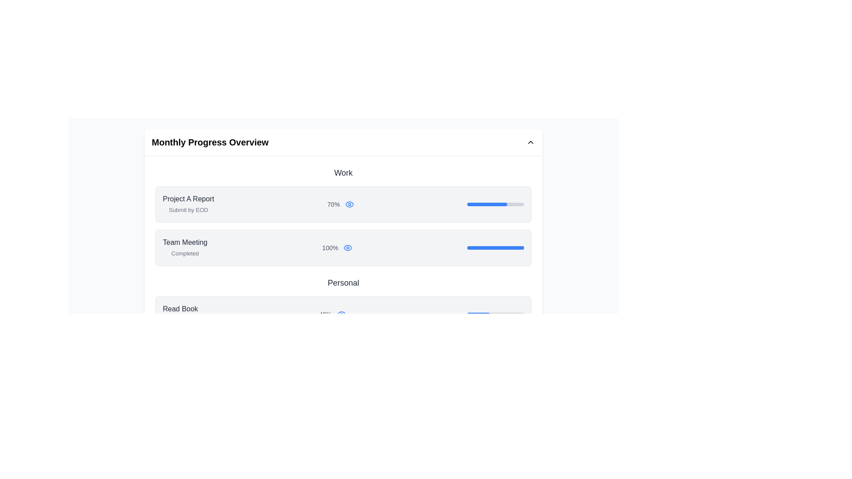 Image resolution: width=852 pixels, height=479 pixels. I want to click on the visibility icon located in the 'Team Meeting' row under the 'Work' section, positioned directly to the right of the '100%' text and to the left of the progress bar, so click(347, 248).